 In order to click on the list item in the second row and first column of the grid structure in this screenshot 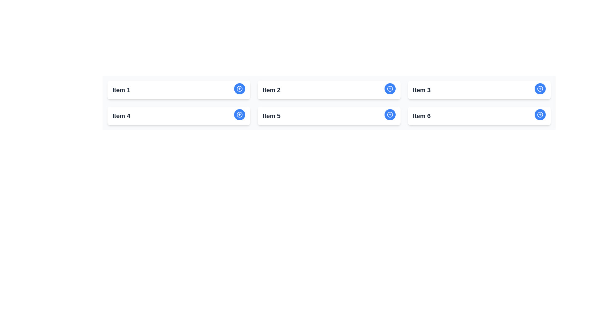, I will do `click(179, 116)`.